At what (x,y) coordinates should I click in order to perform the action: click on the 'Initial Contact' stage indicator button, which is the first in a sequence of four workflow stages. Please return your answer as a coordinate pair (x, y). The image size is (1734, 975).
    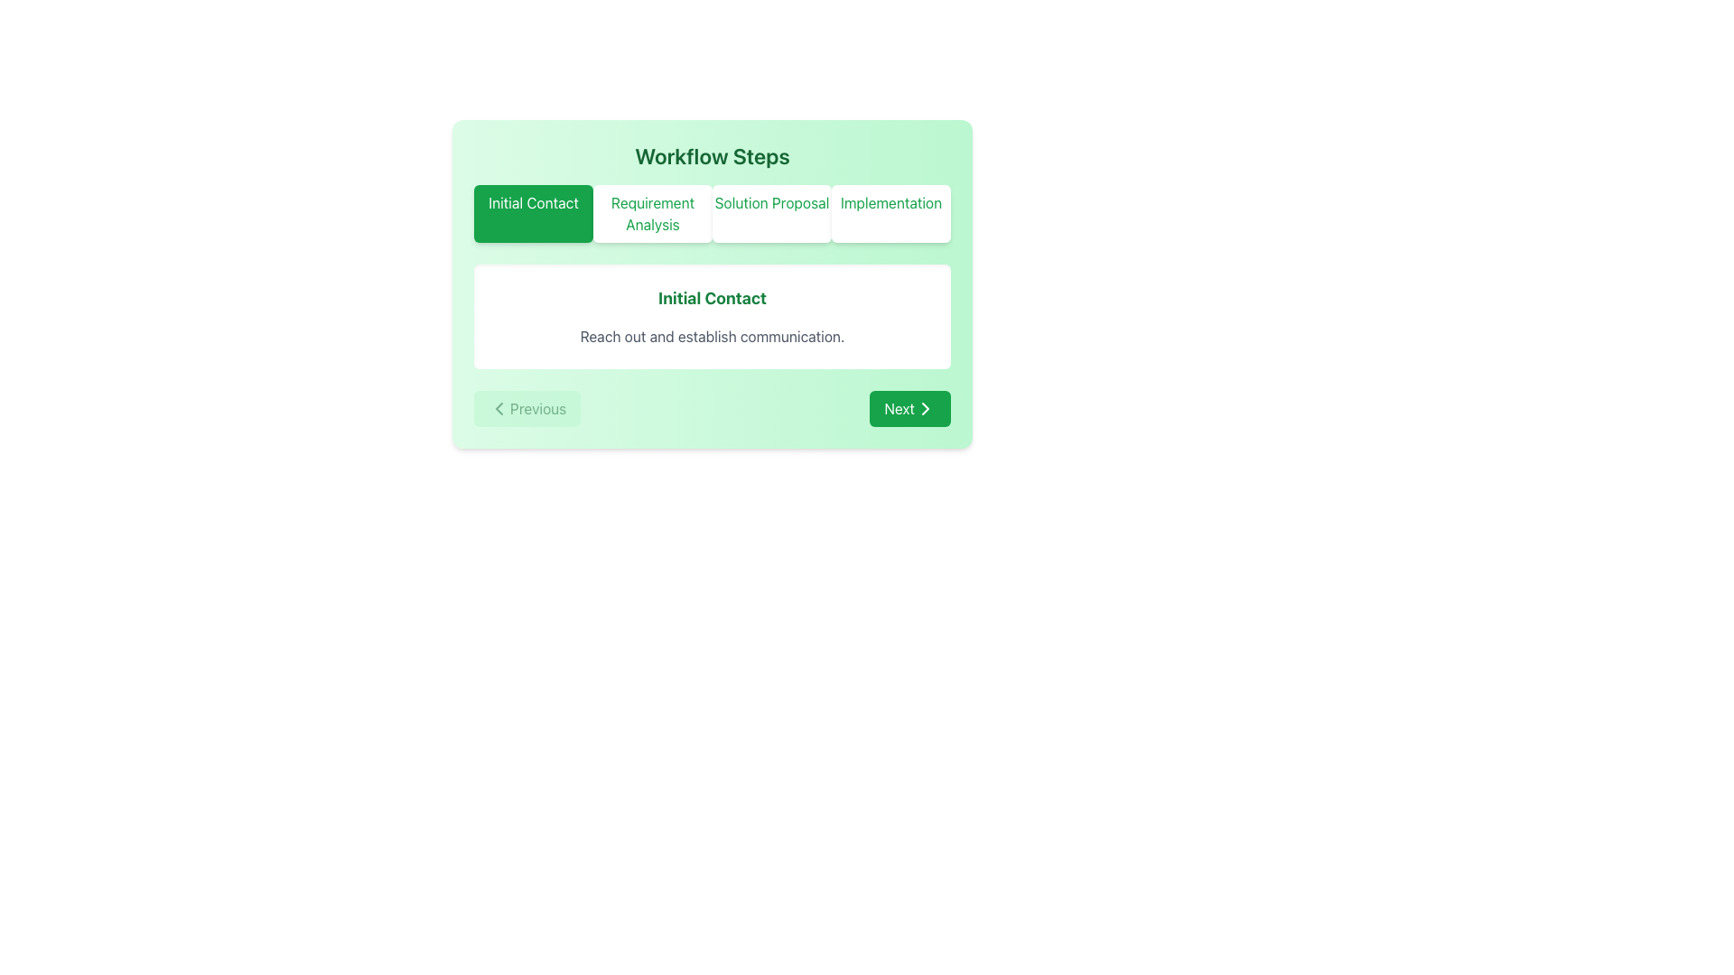
    Looking at the image, I should click on (532, 212).